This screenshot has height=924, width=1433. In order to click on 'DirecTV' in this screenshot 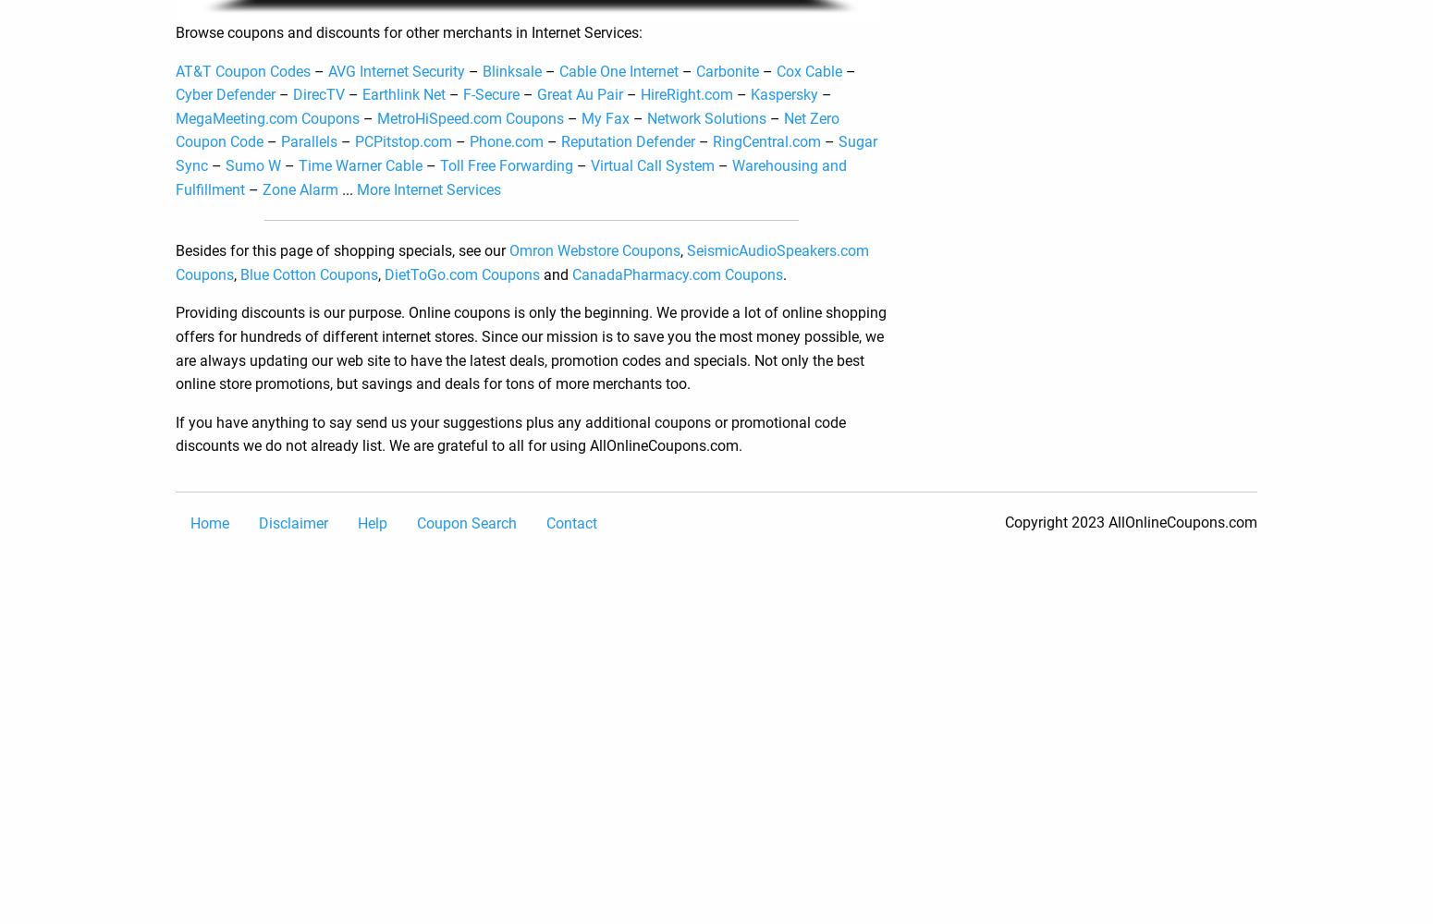, I will do `click(318, 93)`.